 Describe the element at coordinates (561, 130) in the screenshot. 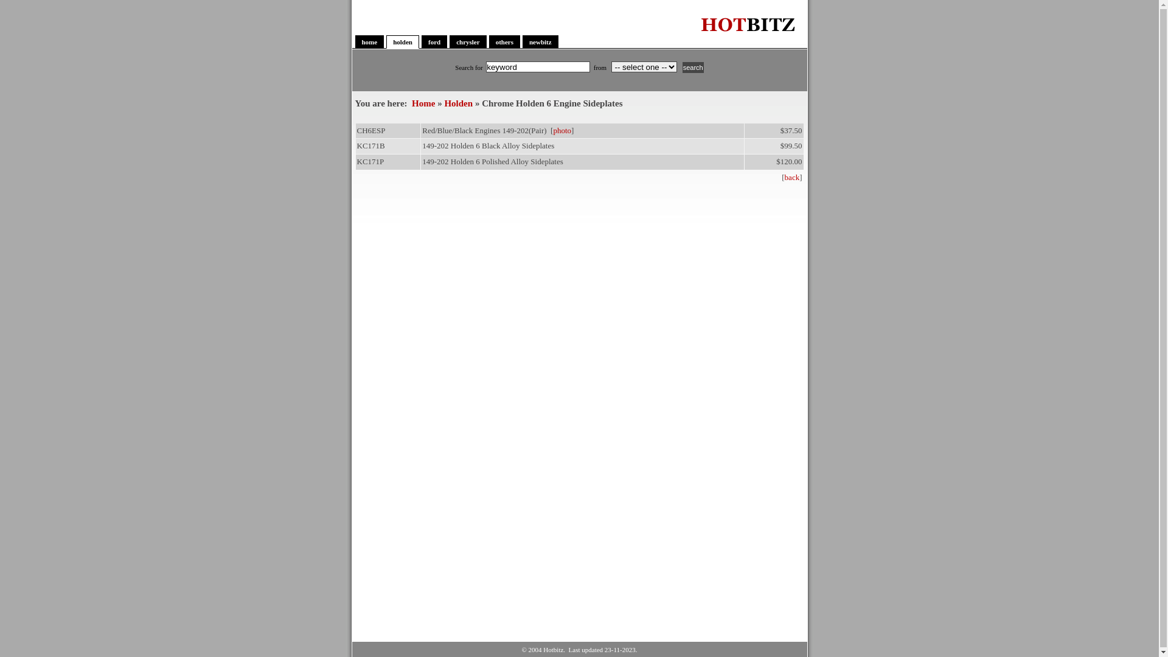

I see `'photo'` at that location.